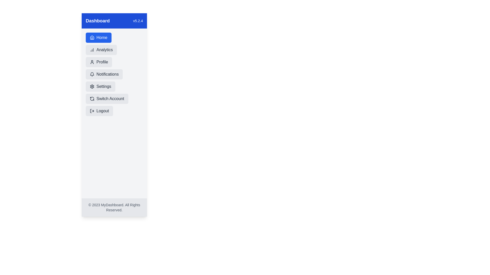 The image size is (490, 275). I want to click on the 'Settings' button with a gear icon located in the left-side navigation menu, positioned between the 'Notifications' and 'Switch Account' buttons, so click(100, 86).